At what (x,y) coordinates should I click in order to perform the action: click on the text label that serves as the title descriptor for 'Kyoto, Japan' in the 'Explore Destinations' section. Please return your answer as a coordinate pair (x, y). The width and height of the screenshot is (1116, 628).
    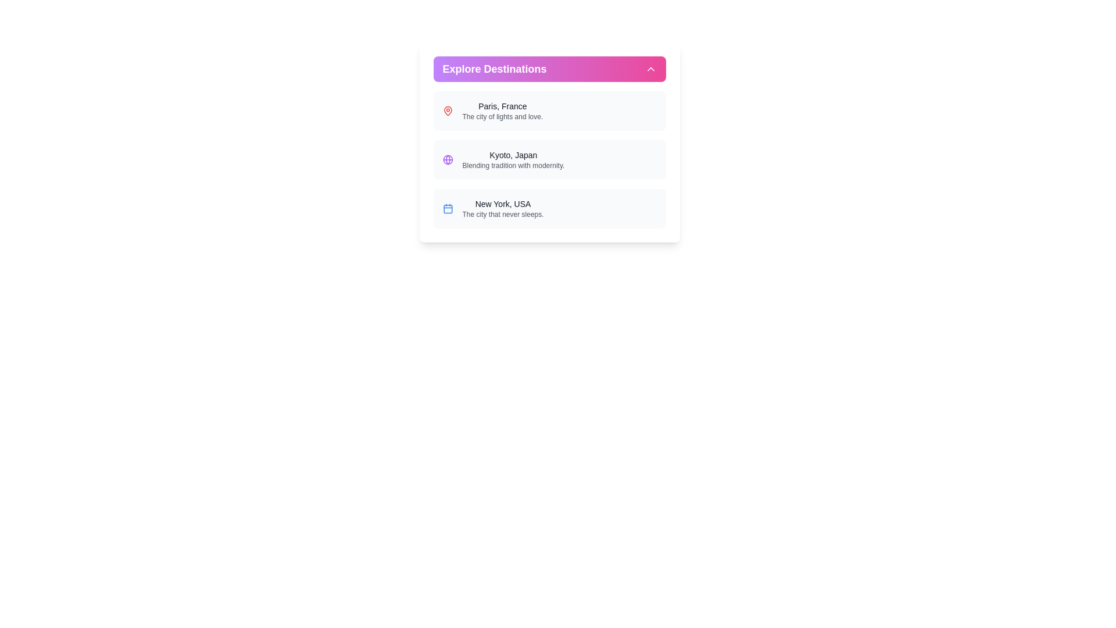
    Looking at the image, I should click on (513, 154).